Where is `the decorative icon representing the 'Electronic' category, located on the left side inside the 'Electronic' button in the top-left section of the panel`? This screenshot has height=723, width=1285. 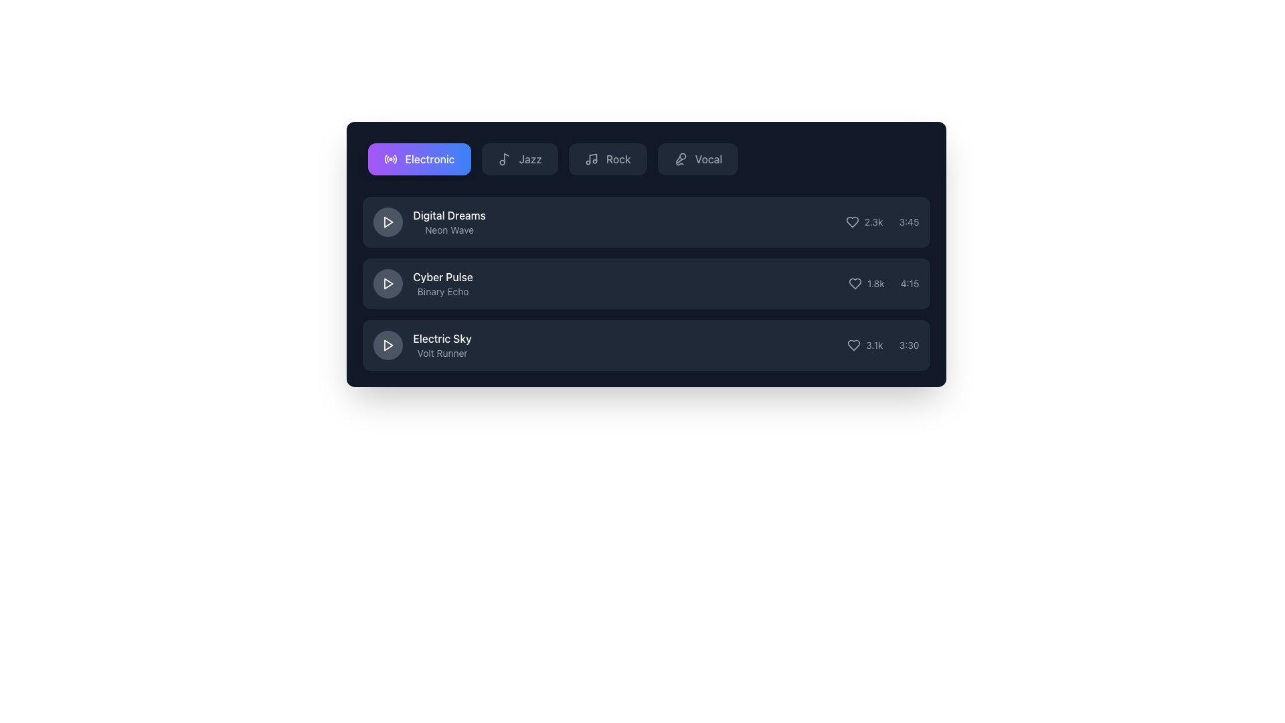
the decorative icon representing the 'Electronic' category, located on the left side inside the 'Electronic' button in the top-left section of the panel is located at coordinates (390, 159).